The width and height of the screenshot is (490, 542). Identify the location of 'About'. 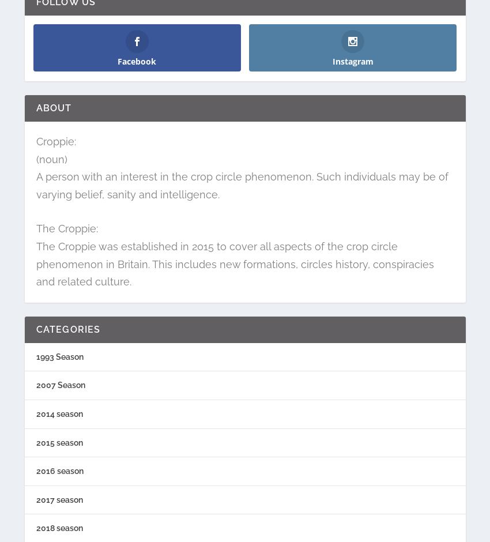
(52, 108).